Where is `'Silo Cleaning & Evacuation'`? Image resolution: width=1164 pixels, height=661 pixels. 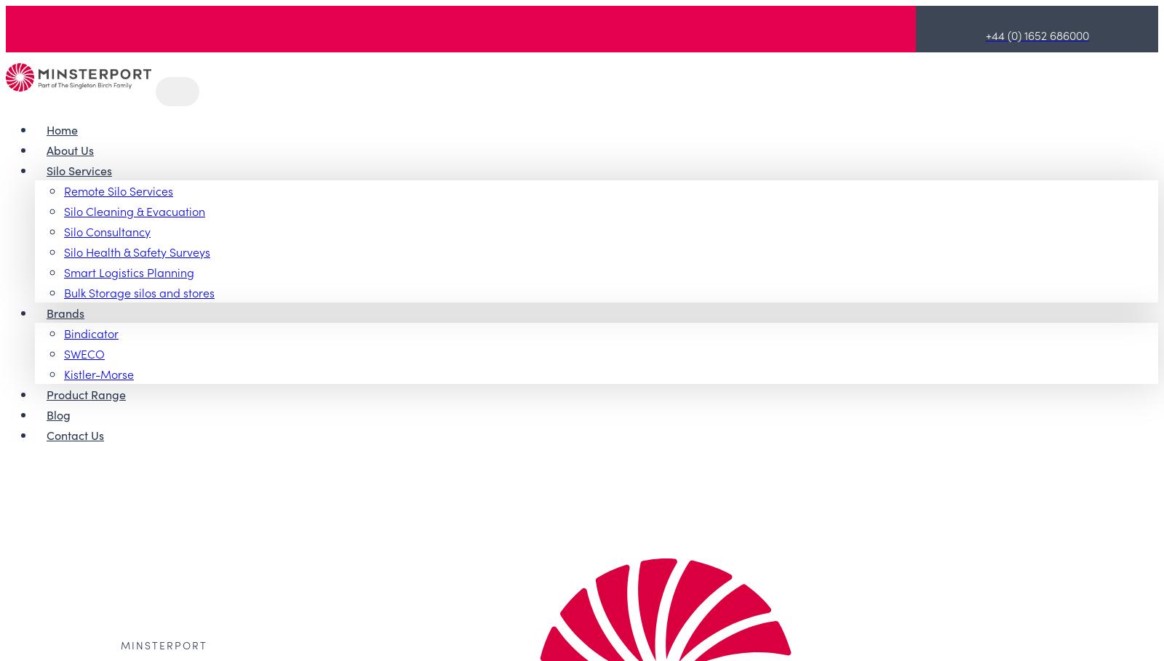 'Silo Cleaning & Evacuation' is located at coordinates (133, 209).